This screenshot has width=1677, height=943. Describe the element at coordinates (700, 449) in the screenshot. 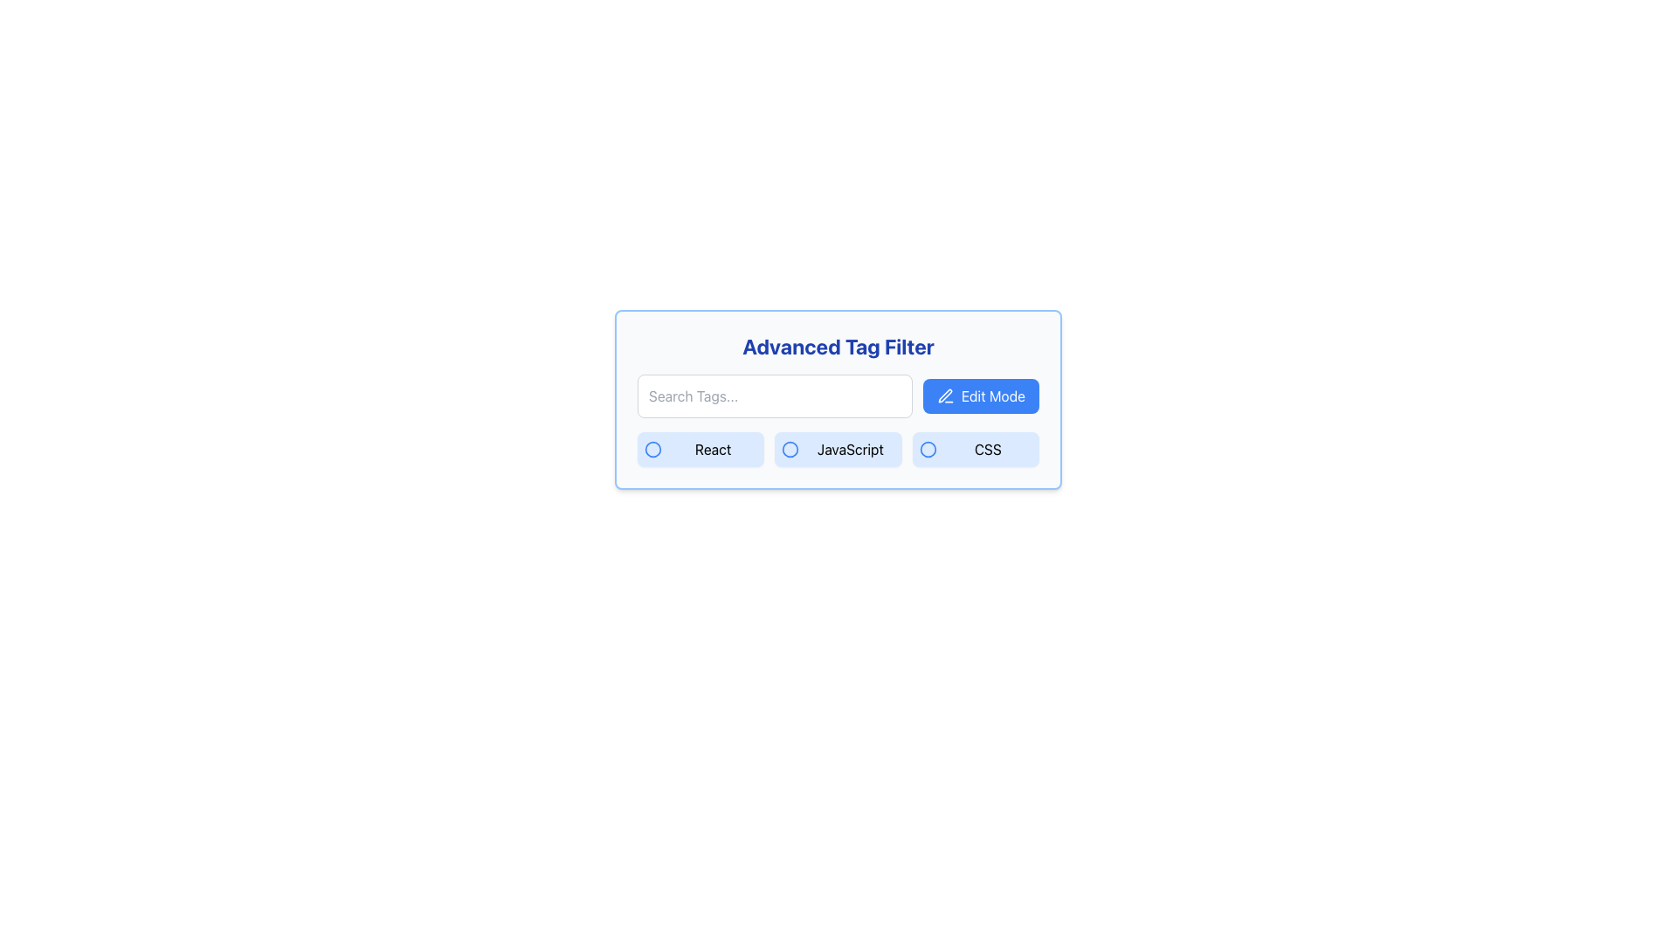

I see `the first selectable button labeled 'React' in the 'Advanced Tag Filter' section` at that location.